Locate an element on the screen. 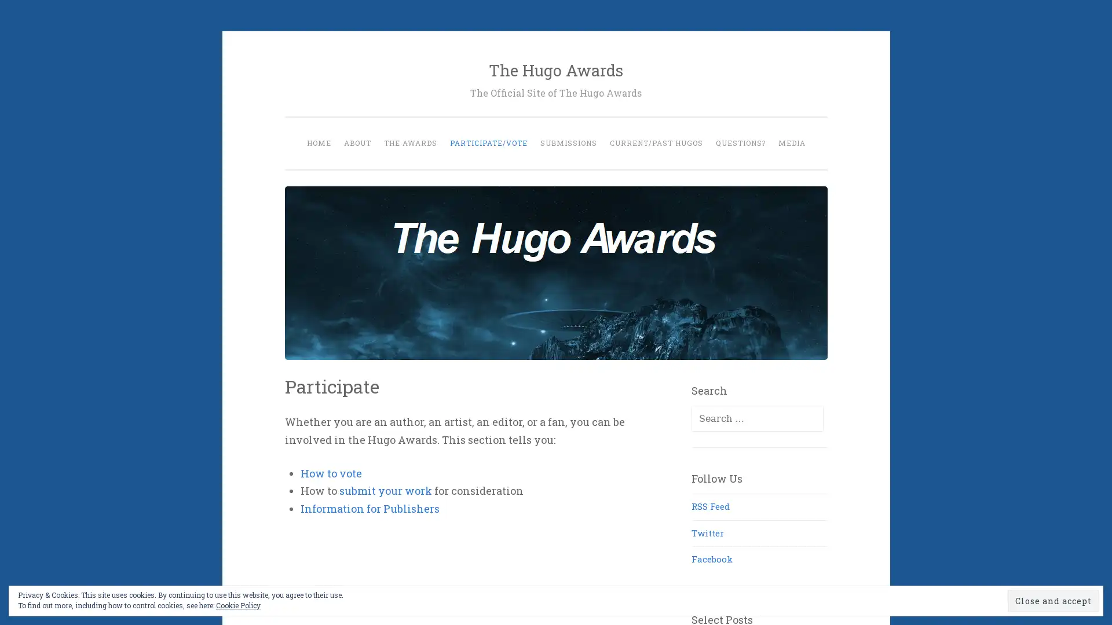 The width and height of the screenshot is (1112, 625). Close and accept is located at coordinates (1054, 600).